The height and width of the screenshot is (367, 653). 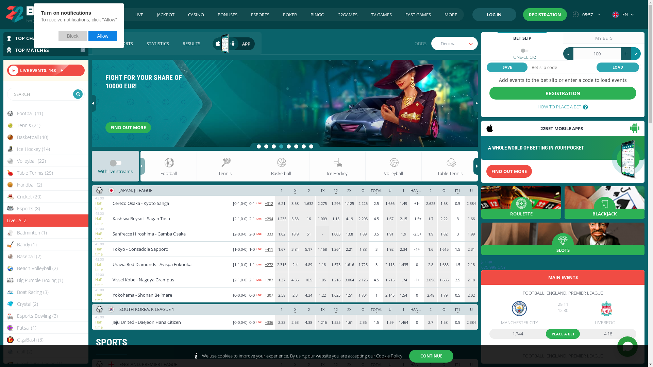 I want to click on 'POKER', so click(x=290, y=14).